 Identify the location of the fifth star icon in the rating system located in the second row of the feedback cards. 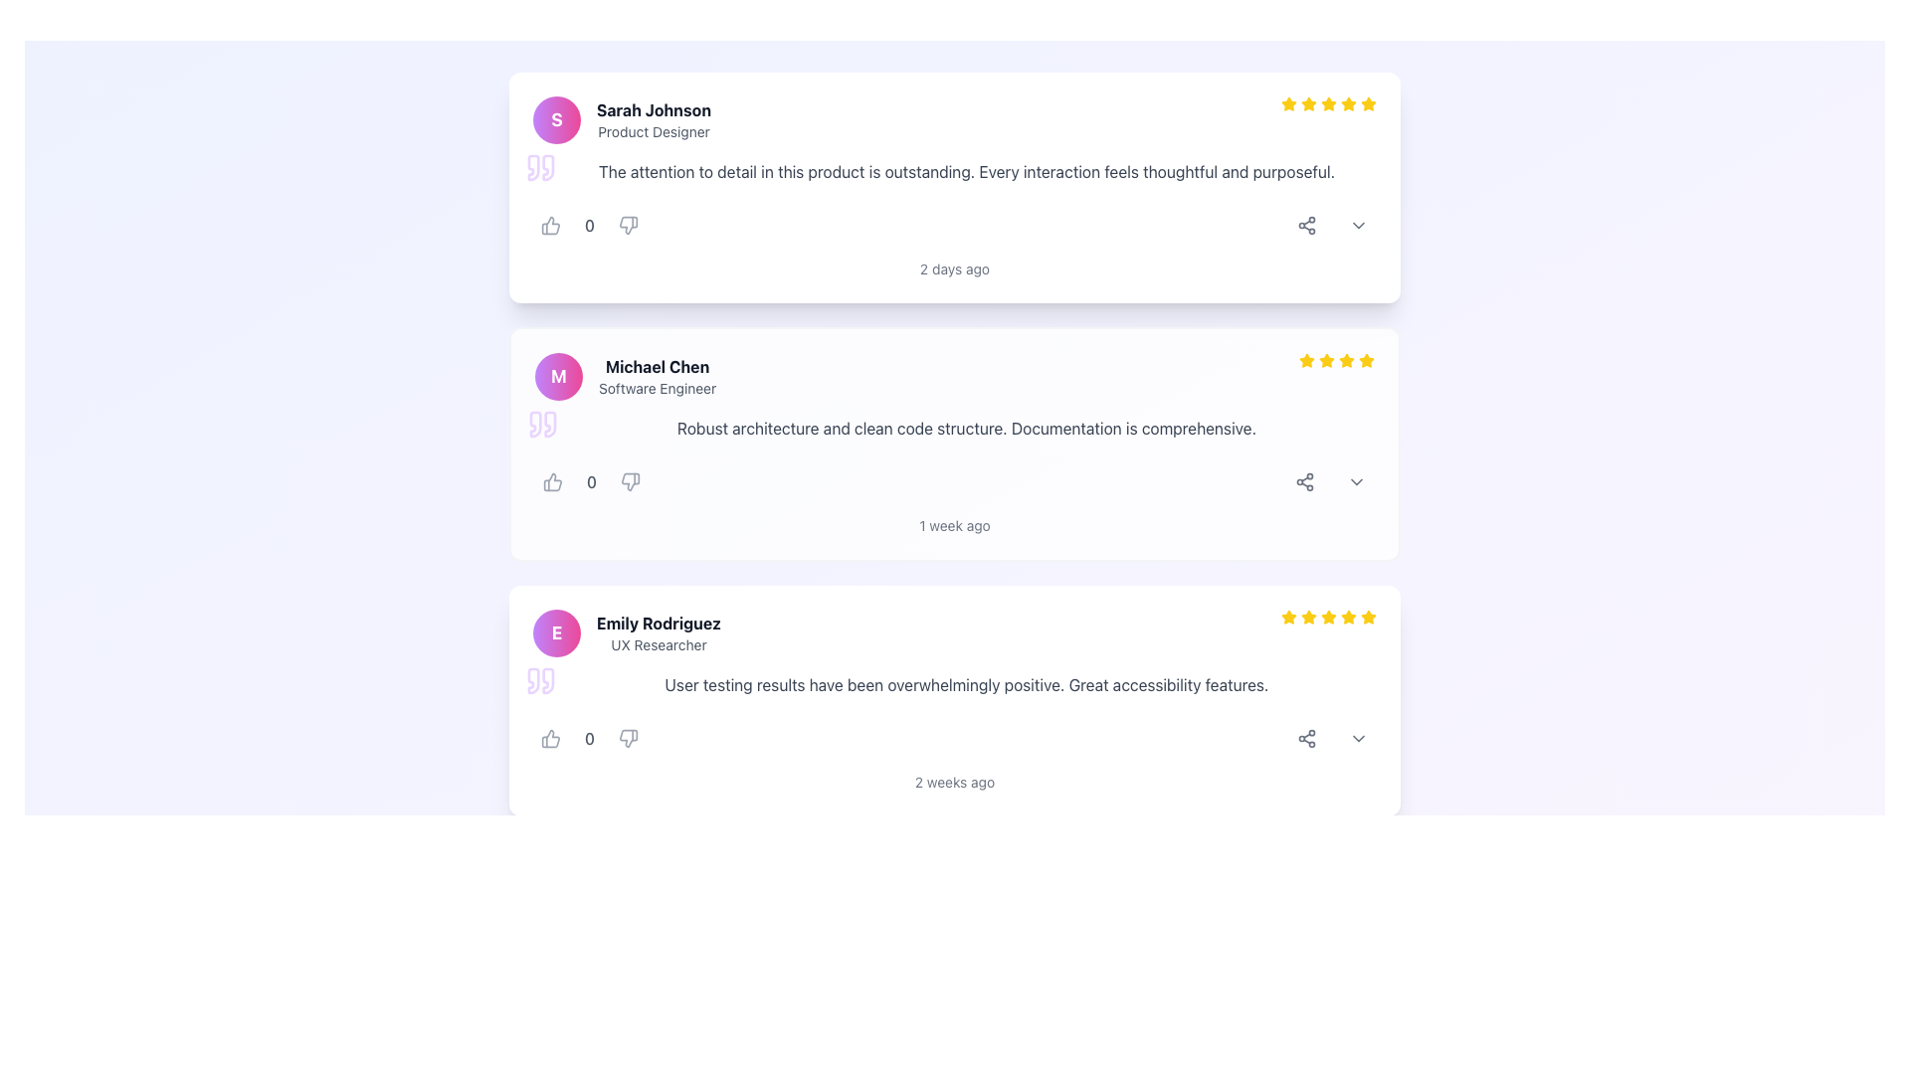
(1365, 360).